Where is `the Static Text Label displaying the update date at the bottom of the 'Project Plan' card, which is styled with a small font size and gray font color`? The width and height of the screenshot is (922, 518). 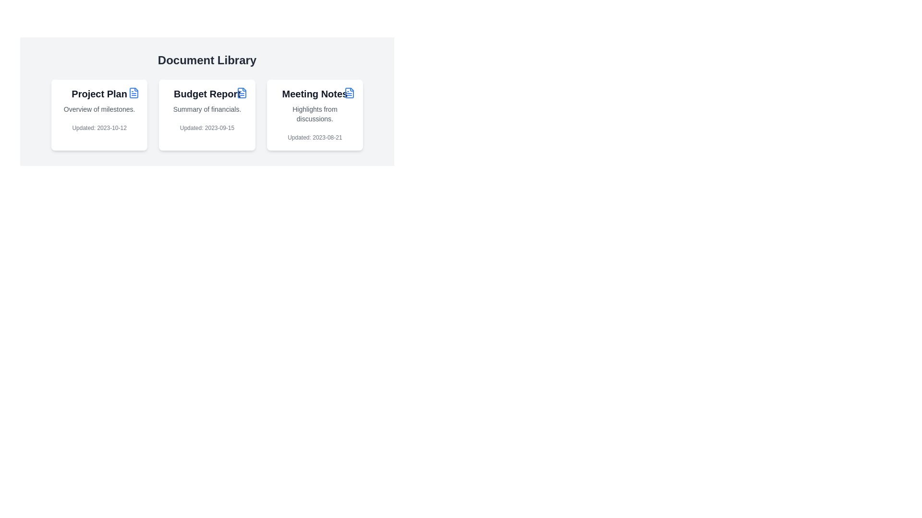
the Static Text Label displaying the update date at the bottom of the 'Project Plan' card, which is styled with a small font size and gray font color is located at coordinates (99, 127).